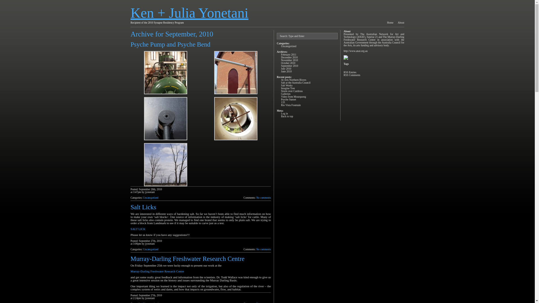 The image size is (539, 303). What do you see at coordinates (281, 91) in the screenshot?
I see `'Storm over Cardross'` at bounding box center [281, 91].